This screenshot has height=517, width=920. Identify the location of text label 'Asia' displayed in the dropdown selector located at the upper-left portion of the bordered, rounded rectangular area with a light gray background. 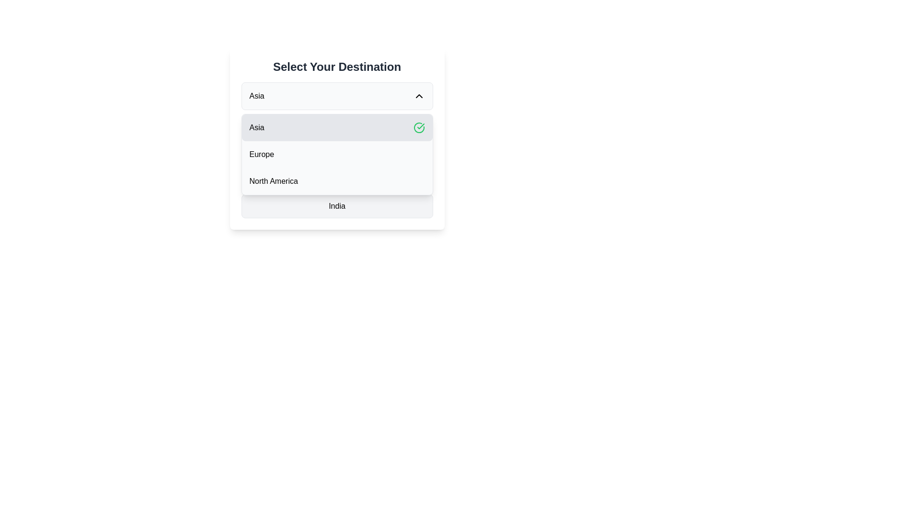
(257, 96).